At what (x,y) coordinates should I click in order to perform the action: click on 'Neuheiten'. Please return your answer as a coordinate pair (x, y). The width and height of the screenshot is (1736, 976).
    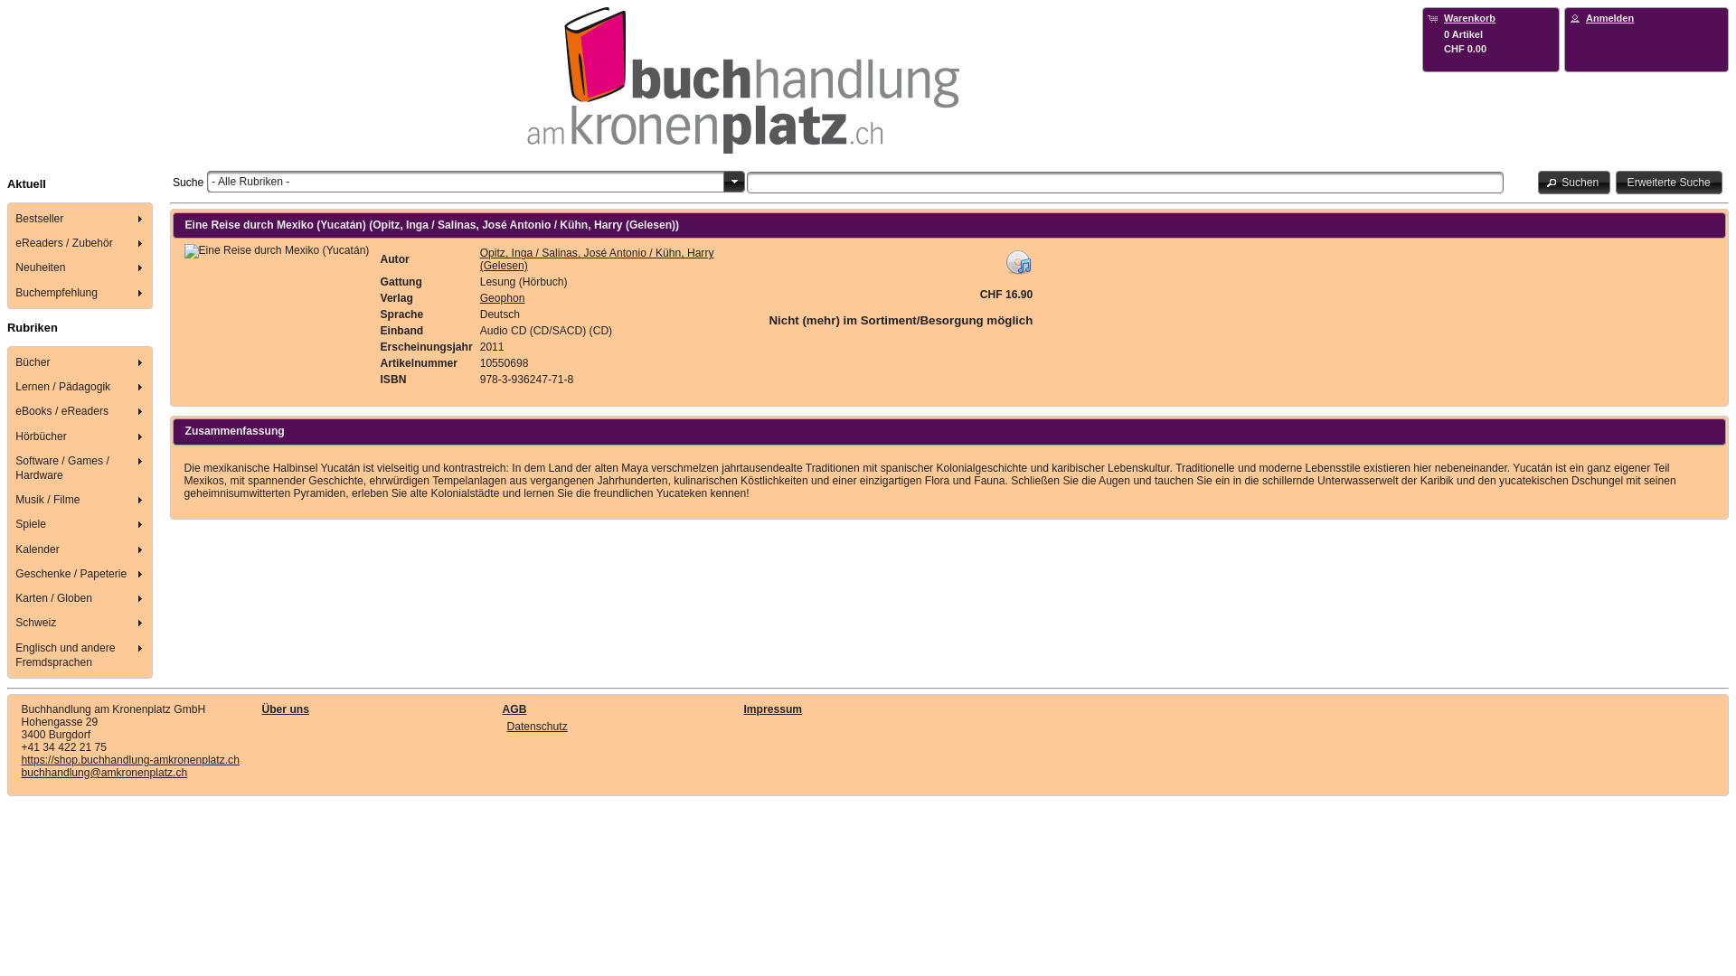
    Looking at the image, I should click on (80, 267).